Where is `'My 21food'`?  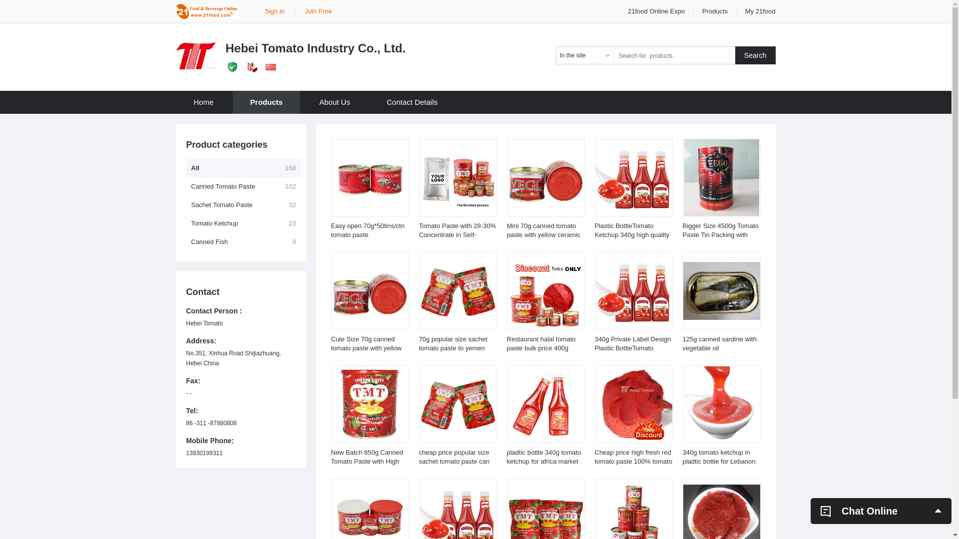
'My 21food' is located at coordinates (760, 11).